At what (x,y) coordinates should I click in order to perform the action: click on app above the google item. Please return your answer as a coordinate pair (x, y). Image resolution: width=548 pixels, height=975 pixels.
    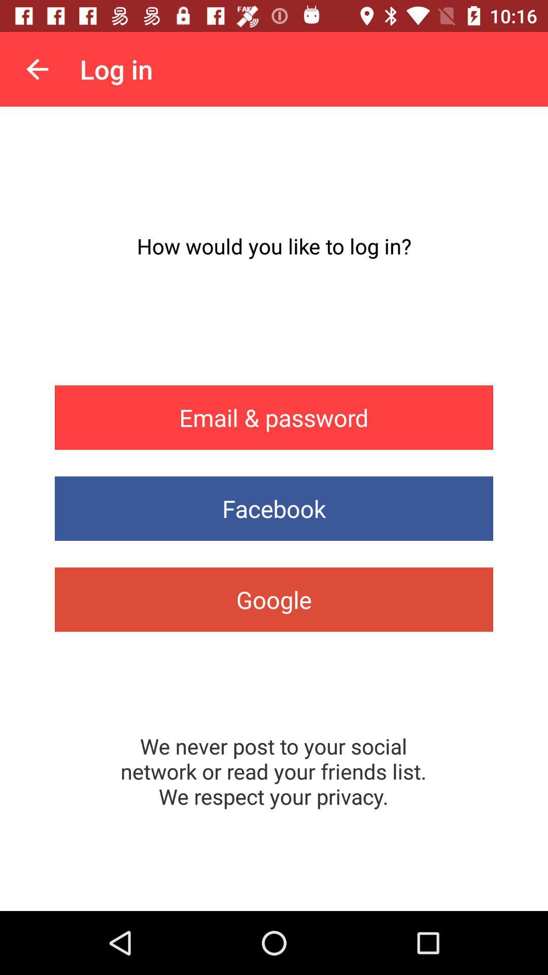
    Looking at the image, I should click on (274, 508).